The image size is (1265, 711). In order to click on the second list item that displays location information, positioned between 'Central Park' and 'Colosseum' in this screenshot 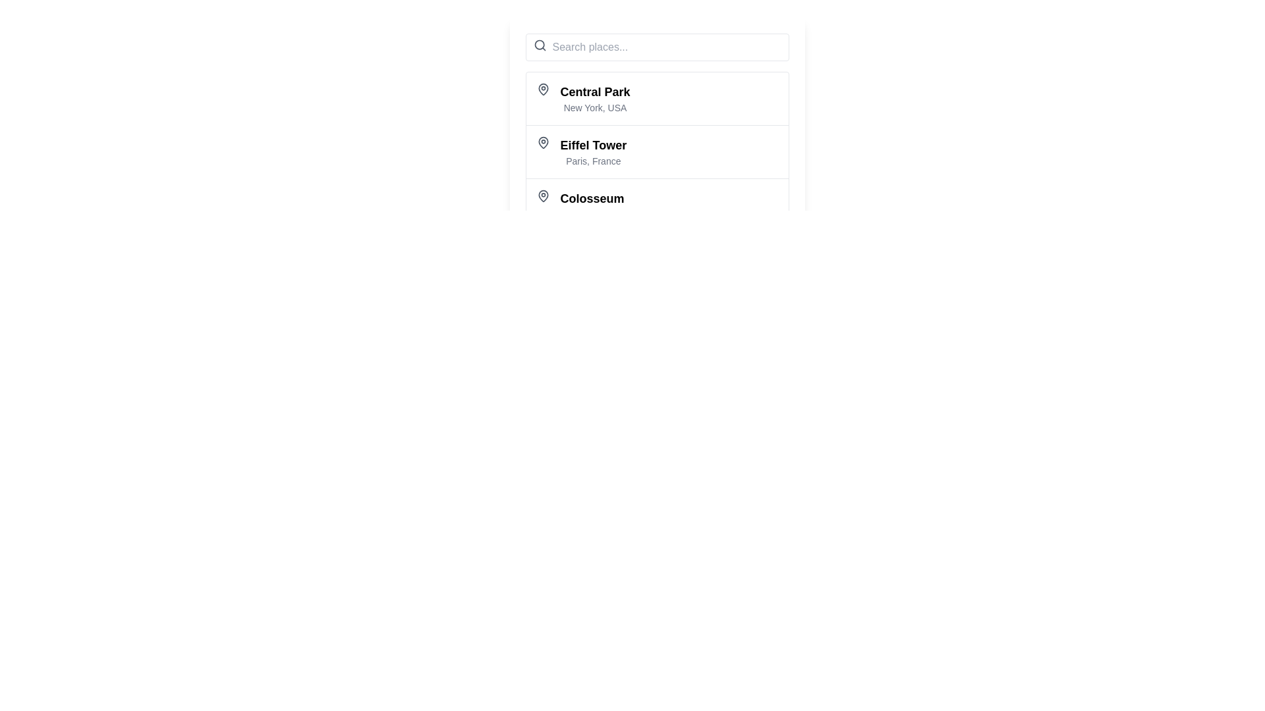, I will do `click(657, 132)`.